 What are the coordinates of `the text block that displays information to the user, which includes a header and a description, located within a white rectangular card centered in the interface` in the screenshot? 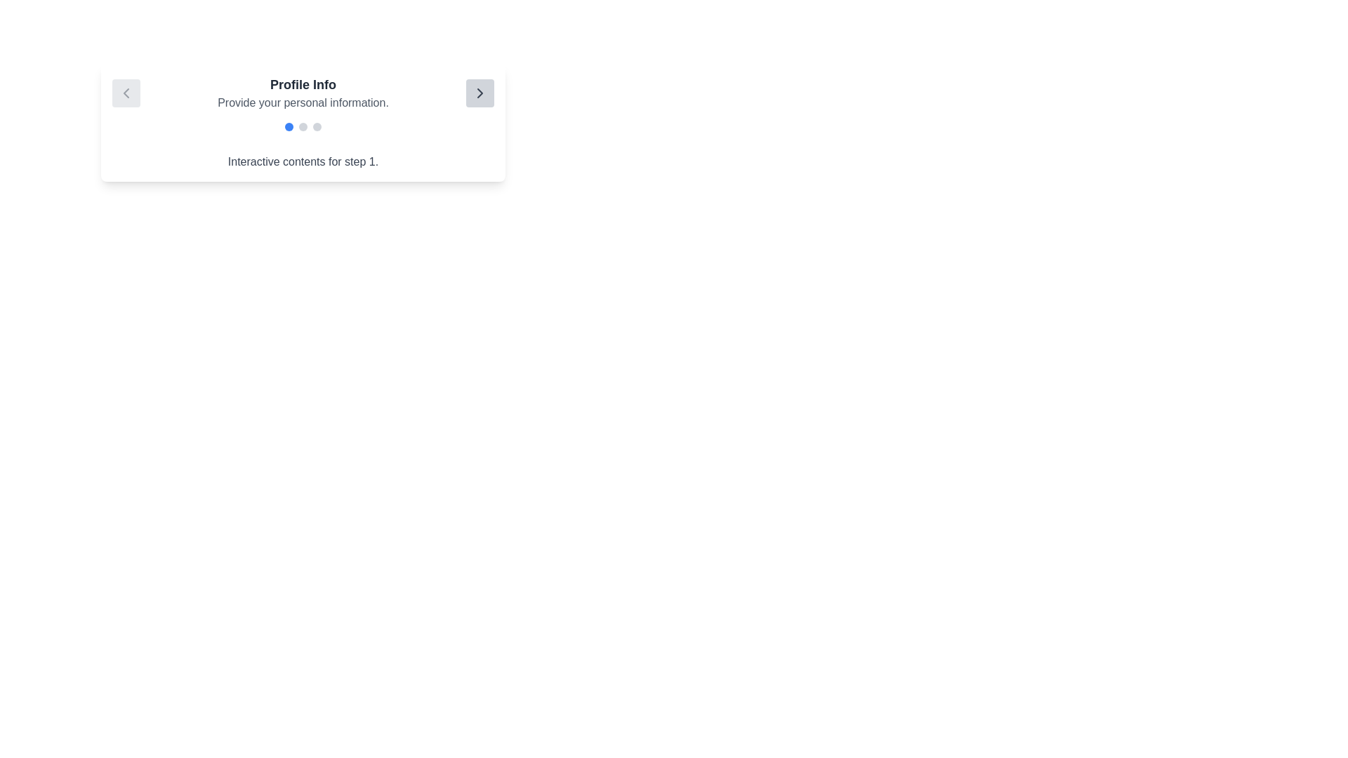 It's located at (303, 93).